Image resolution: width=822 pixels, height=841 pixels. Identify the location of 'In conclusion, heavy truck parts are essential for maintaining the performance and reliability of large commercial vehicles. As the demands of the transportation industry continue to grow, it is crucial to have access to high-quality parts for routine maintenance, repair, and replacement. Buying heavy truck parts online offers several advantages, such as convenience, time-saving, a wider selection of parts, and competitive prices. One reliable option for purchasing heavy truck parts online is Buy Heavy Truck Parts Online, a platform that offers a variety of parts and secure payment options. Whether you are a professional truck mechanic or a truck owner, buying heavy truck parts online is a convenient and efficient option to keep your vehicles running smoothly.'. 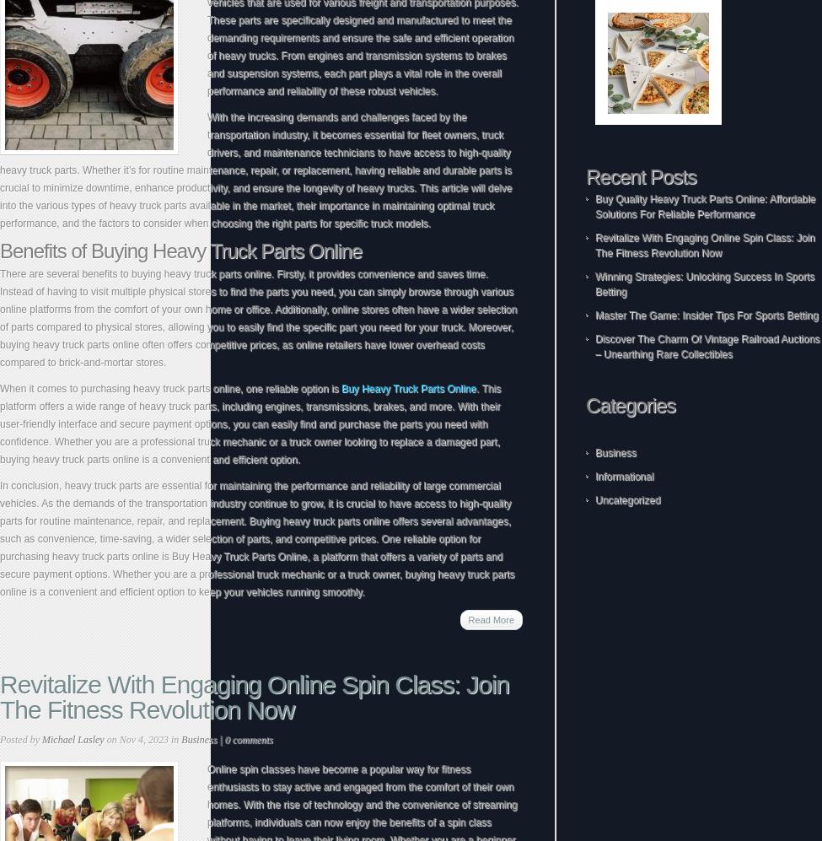
(255, 538).